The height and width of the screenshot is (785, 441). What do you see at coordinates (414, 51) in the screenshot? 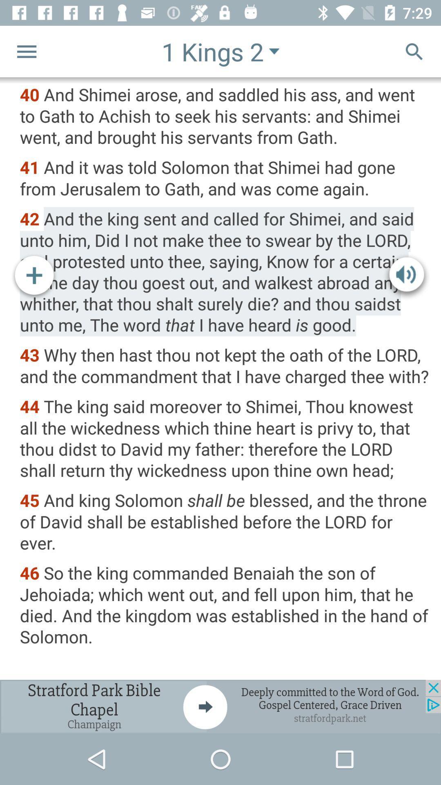
I see `open search` at bounding box center [414, 51].